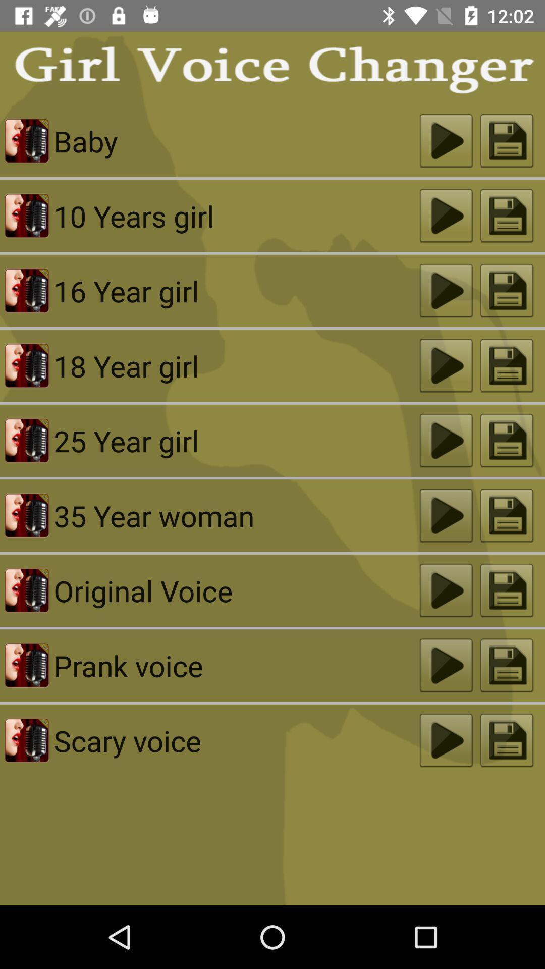 Image resolution: width=545 pixels, height=969 pixels. What do you see at coordinates (237, 665) in the screenshot?
I see `prank voice item` at bounding box center [237, 665].